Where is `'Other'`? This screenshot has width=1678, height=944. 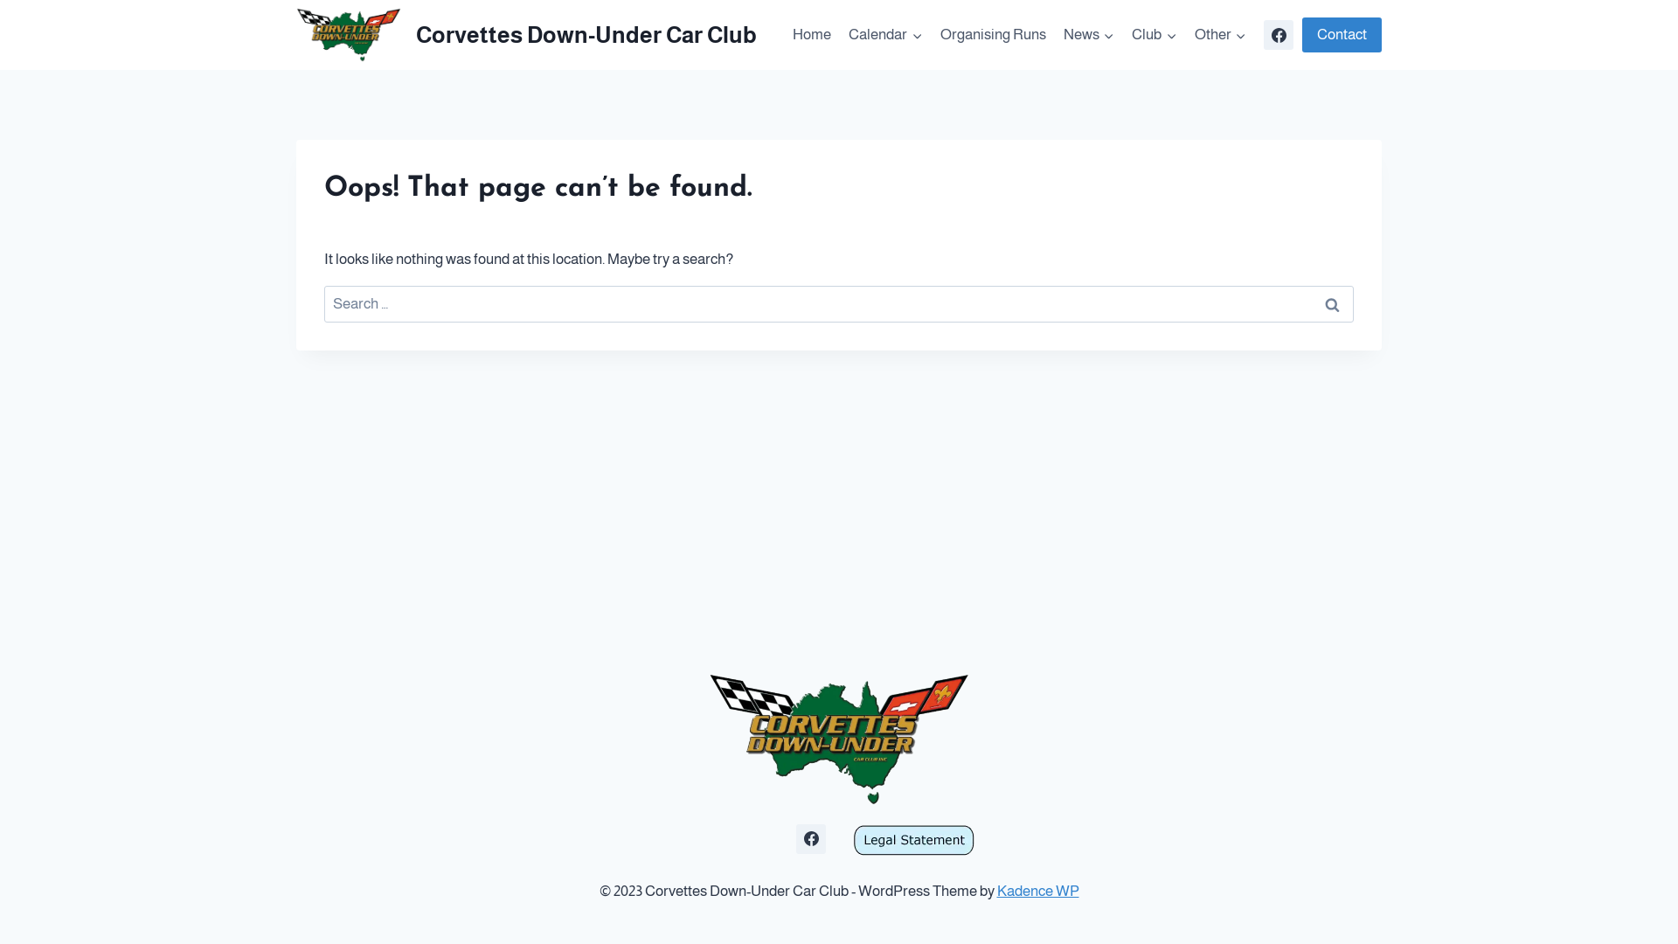
'Other' is located at coordinates (1219, 34).